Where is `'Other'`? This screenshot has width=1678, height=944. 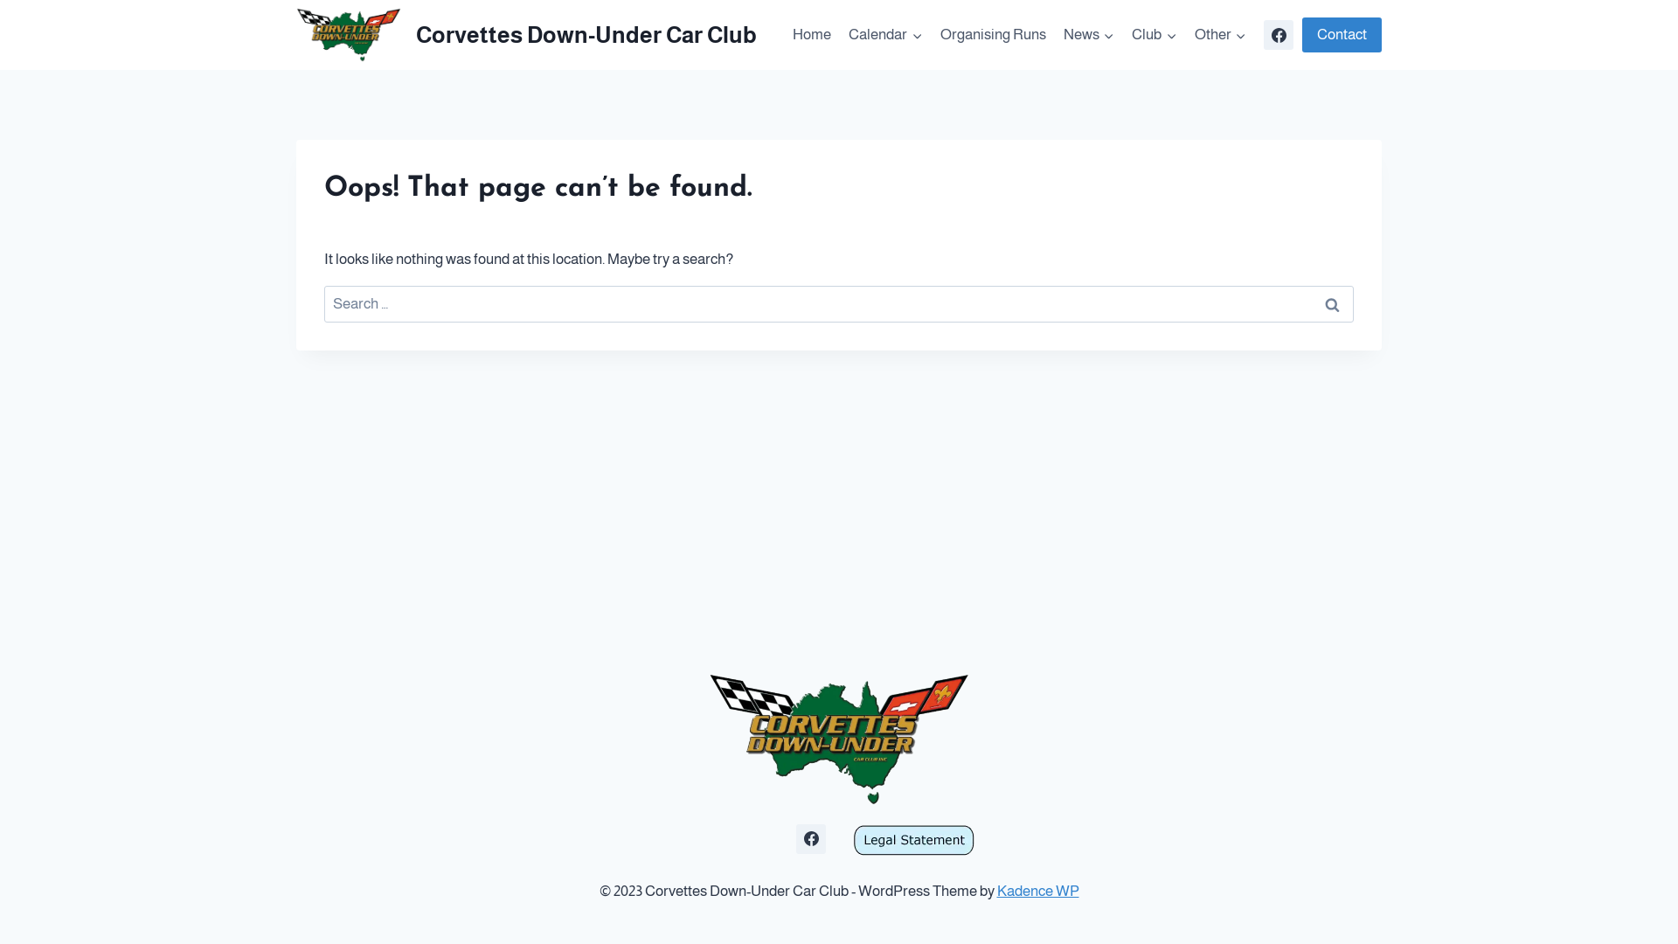
'Other' is located at coordinates (1219, 34).